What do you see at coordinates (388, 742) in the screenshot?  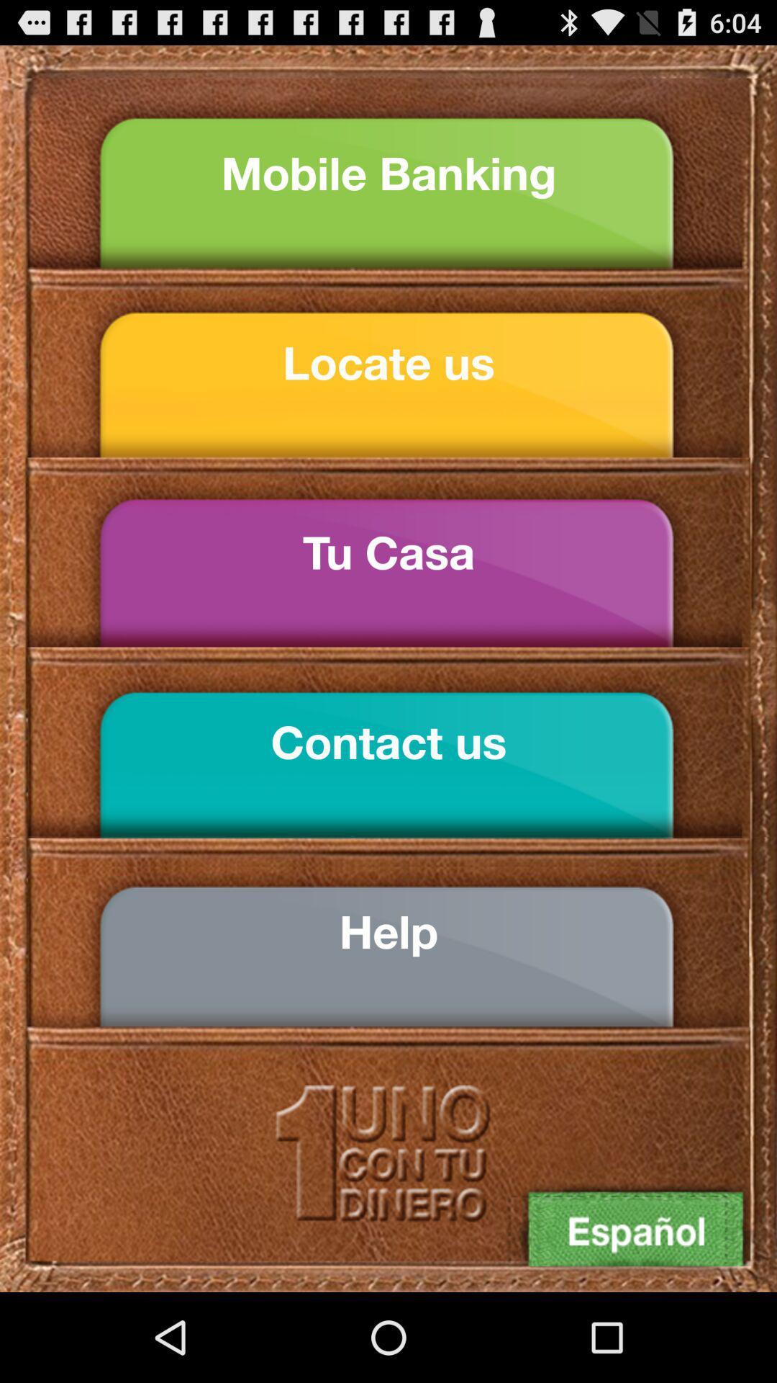 I see `contact us icon` at bounding box center [388, 742].